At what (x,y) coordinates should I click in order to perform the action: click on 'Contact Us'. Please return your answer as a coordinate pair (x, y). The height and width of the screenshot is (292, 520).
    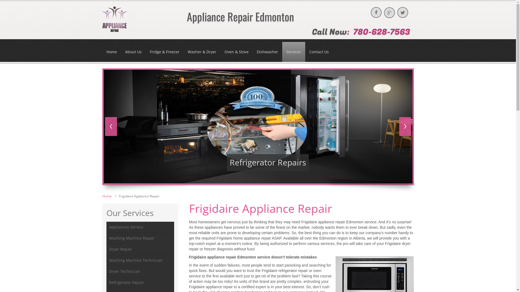
    Looking at the image, I should click on (318, 52).